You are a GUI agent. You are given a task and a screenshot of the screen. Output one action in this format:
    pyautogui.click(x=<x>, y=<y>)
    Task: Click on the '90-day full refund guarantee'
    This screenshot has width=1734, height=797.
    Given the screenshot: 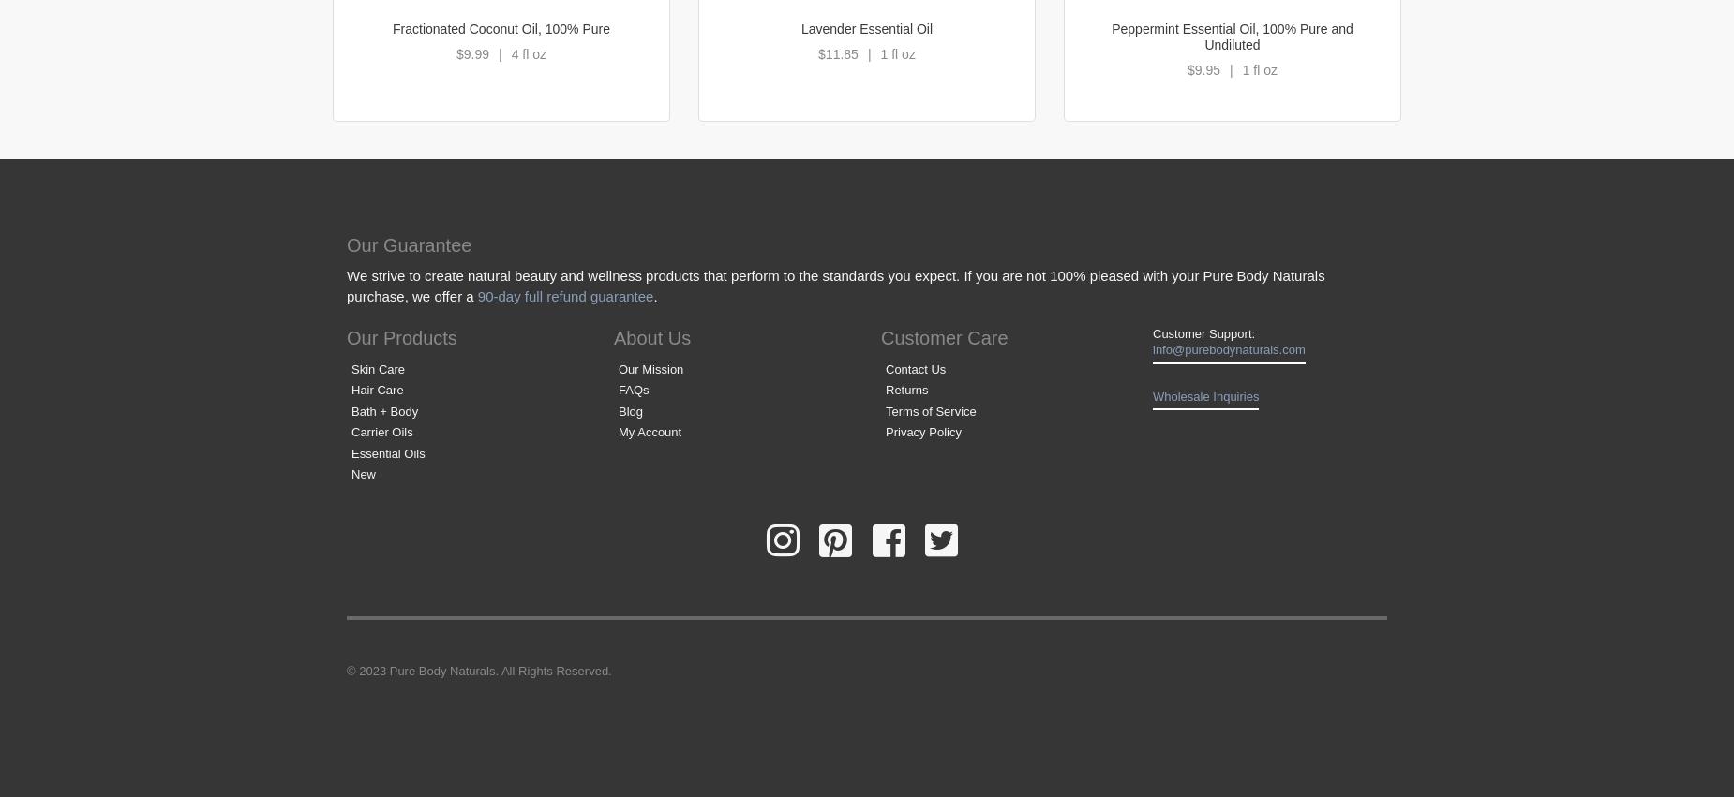 What is the action you would take?
    pyautogui.click(x=564, y=295)
    